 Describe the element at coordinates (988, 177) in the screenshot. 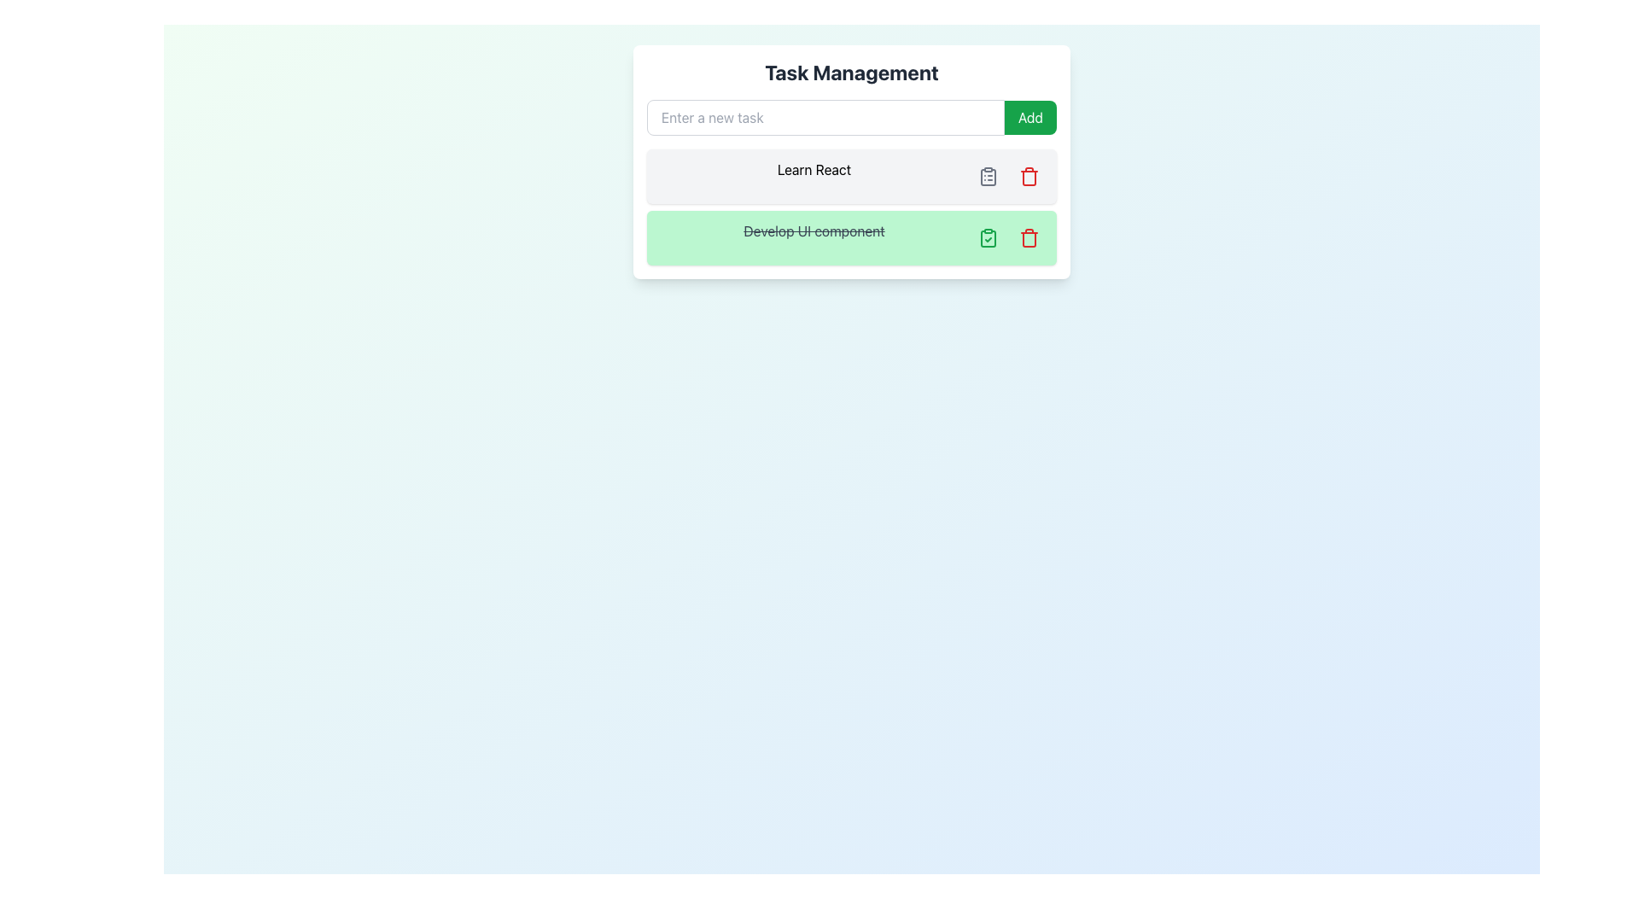

I see `the clickable icon` at that location.